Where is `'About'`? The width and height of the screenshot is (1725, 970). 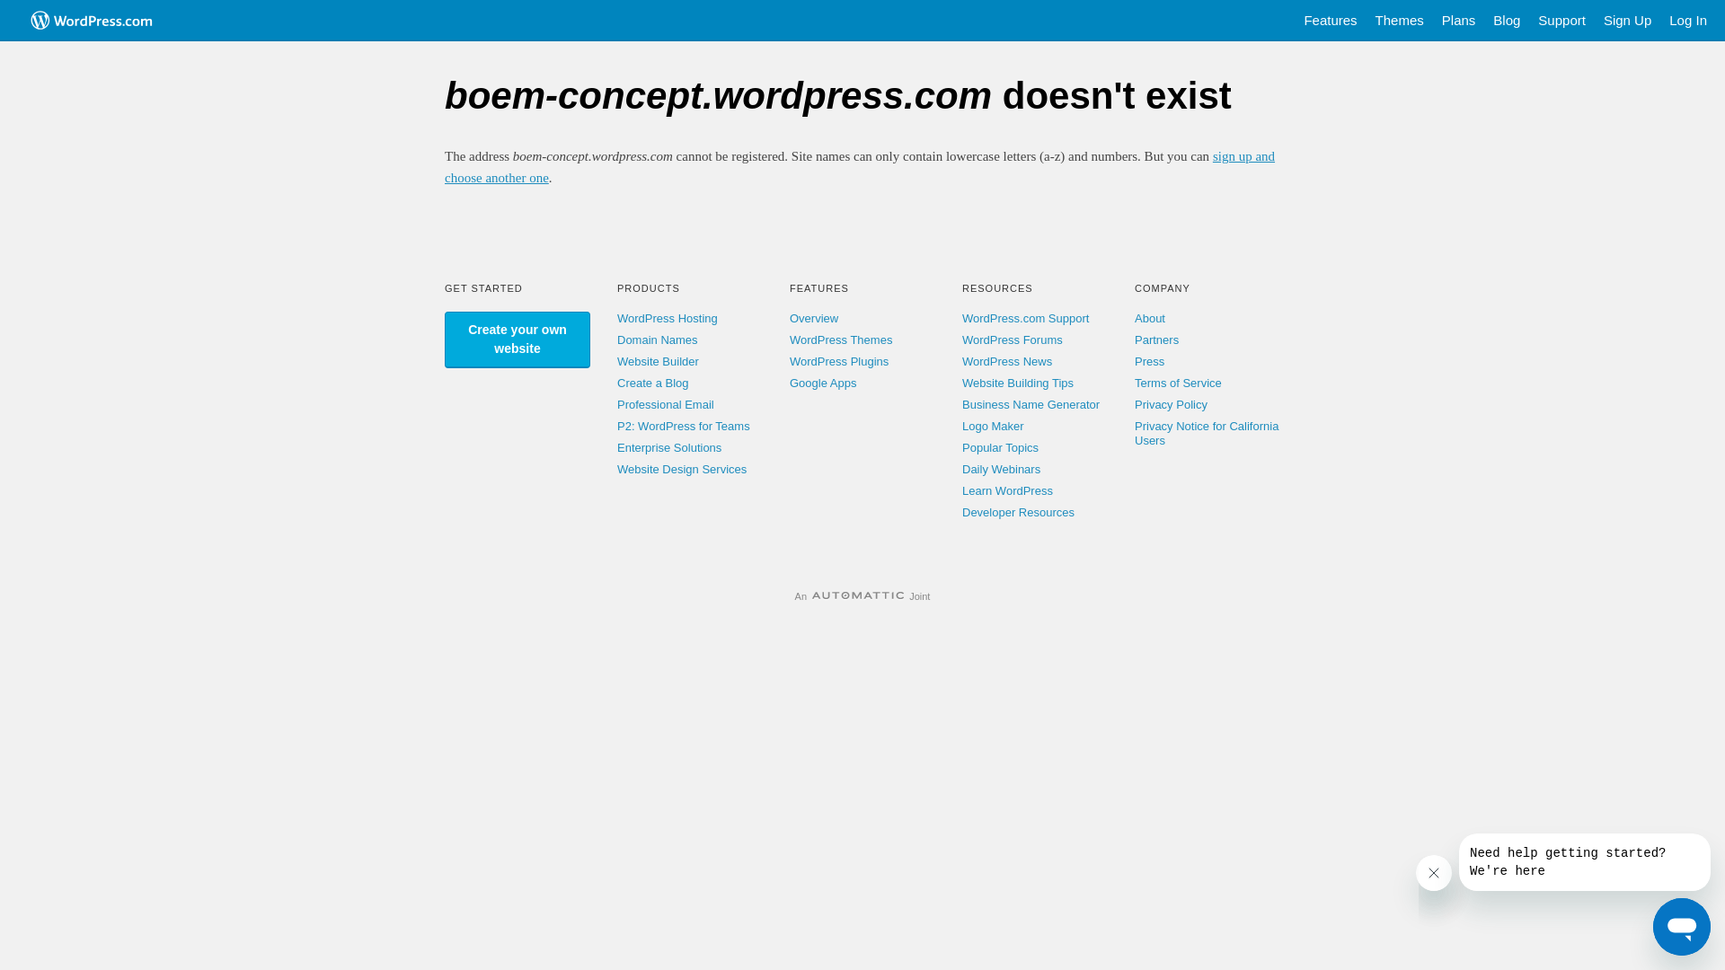 'About' is located at coordinates (1150, 317).